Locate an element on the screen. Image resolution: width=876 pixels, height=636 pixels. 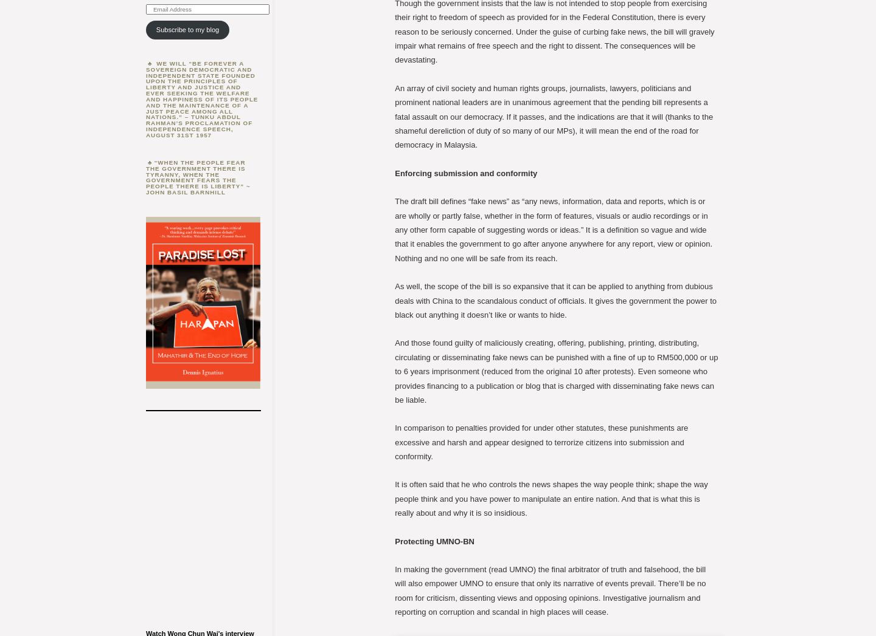
'As well, the scope of the bill is so expansive that it can be applied to anything from dubious deals with China to the scandalous conduct of officials. It gives the government the power to black out anything it doesn’t like or wants to hide.' is located at coordinates (555, 299).